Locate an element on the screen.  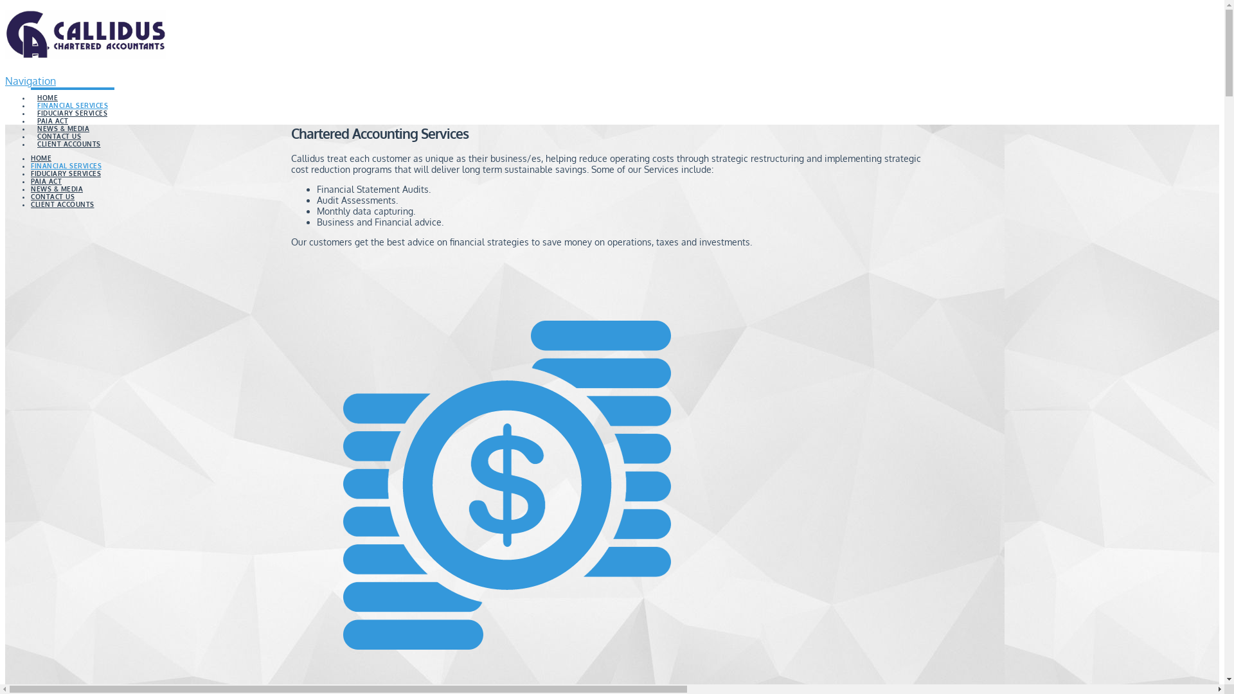
'CLIENT ACCOUNTS' is located at coordinates (31, 203).